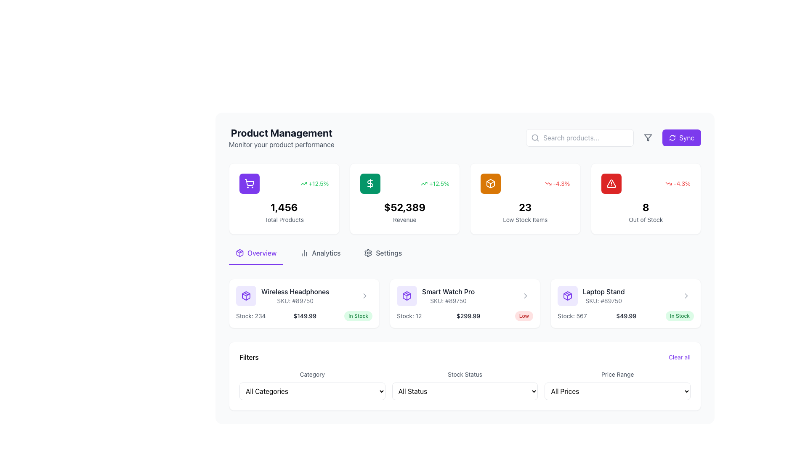 The image size is (808, 454). Describe the element at coordinates (383, 256) in the screenshot. I see `the Navigation option button link, which is the third item in the horizontal navigation bar` at that location.